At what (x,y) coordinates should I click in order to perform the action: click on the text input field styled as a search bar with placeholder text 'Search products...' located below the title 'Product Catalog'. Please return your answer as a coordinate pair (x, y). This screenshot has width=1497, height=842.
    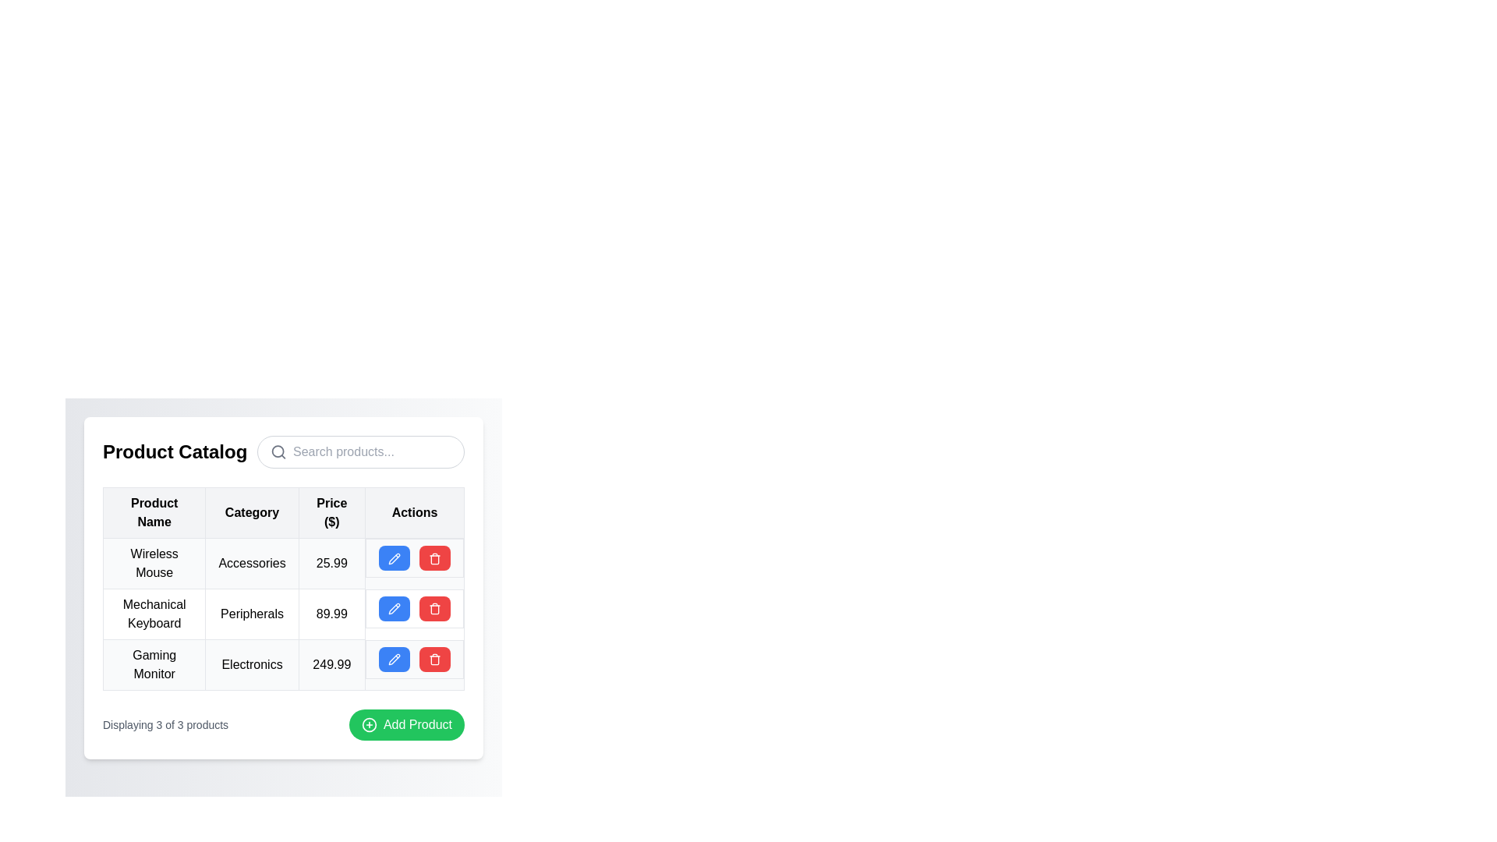
    Looking at the image, I should click on (371, 451).